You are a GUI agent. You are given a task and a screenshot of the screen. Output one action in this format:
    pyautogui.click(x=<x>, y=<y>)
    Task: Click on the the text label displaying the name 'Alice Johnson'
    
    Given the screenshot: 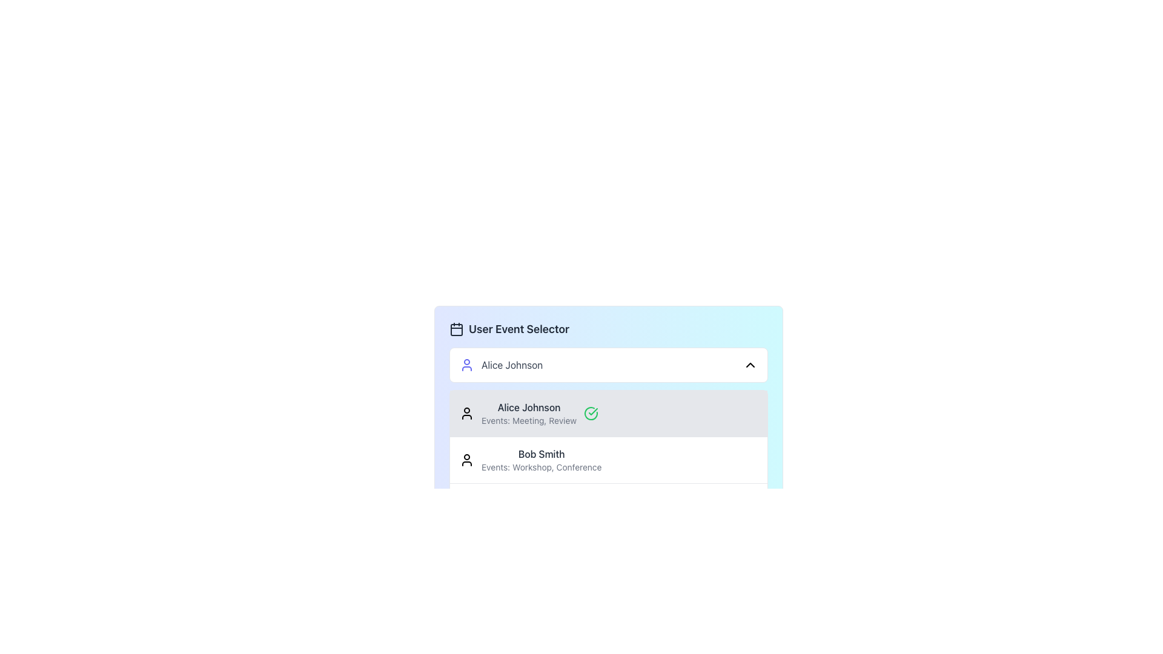 What is the action you would take?
    pyautogui.click(x=529, y=407)
    